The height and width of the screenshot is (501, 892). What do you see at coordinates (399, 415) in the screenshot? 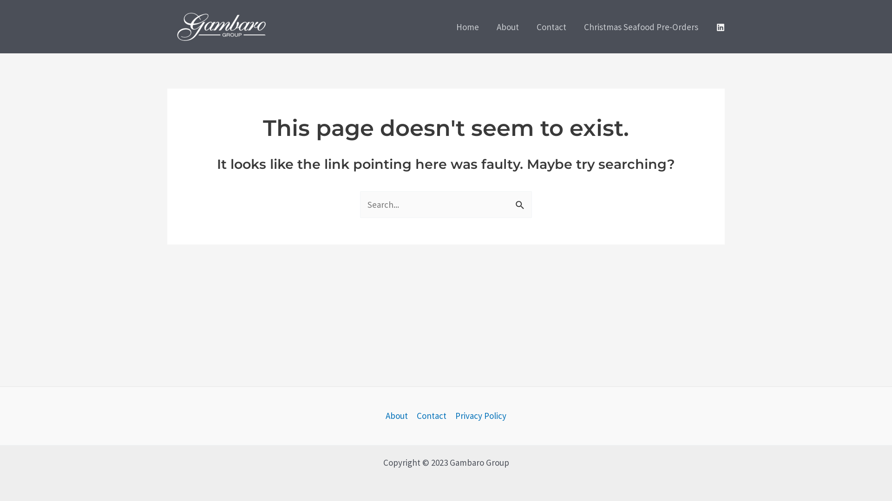
I see `'About'` at bounding box center [399, 415].